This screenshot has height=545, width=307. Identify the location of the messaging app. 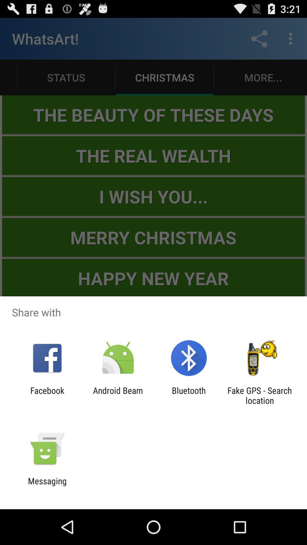
(47, 486).